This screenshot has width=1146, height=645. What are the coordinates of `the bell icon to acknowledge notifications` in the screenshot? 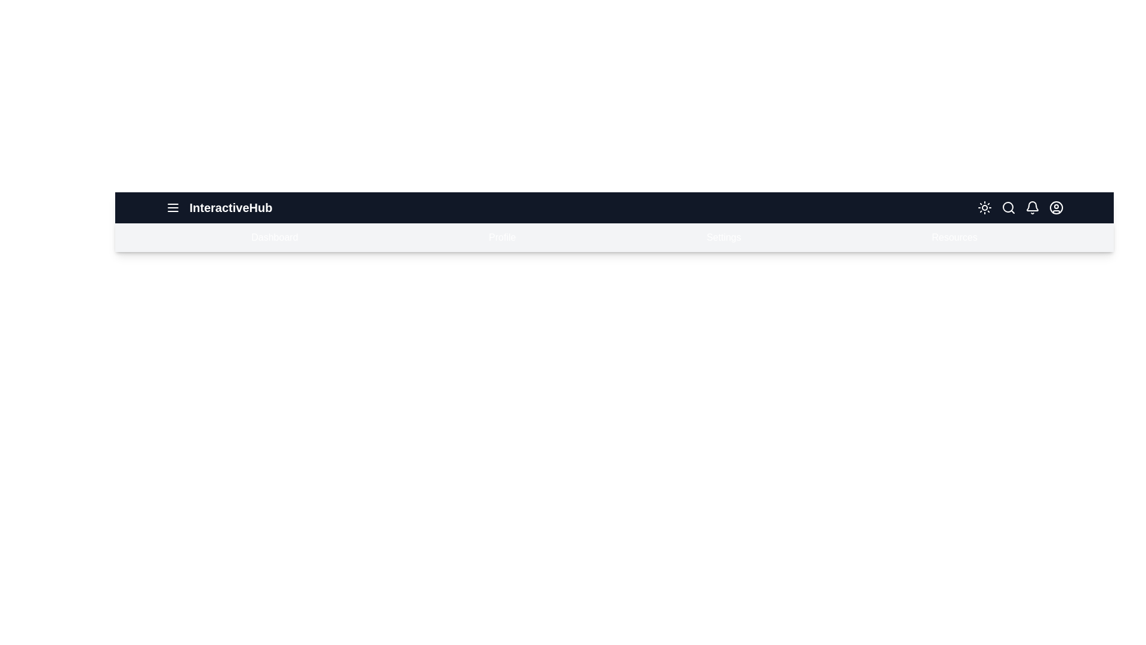 It's located at (1031, 207).